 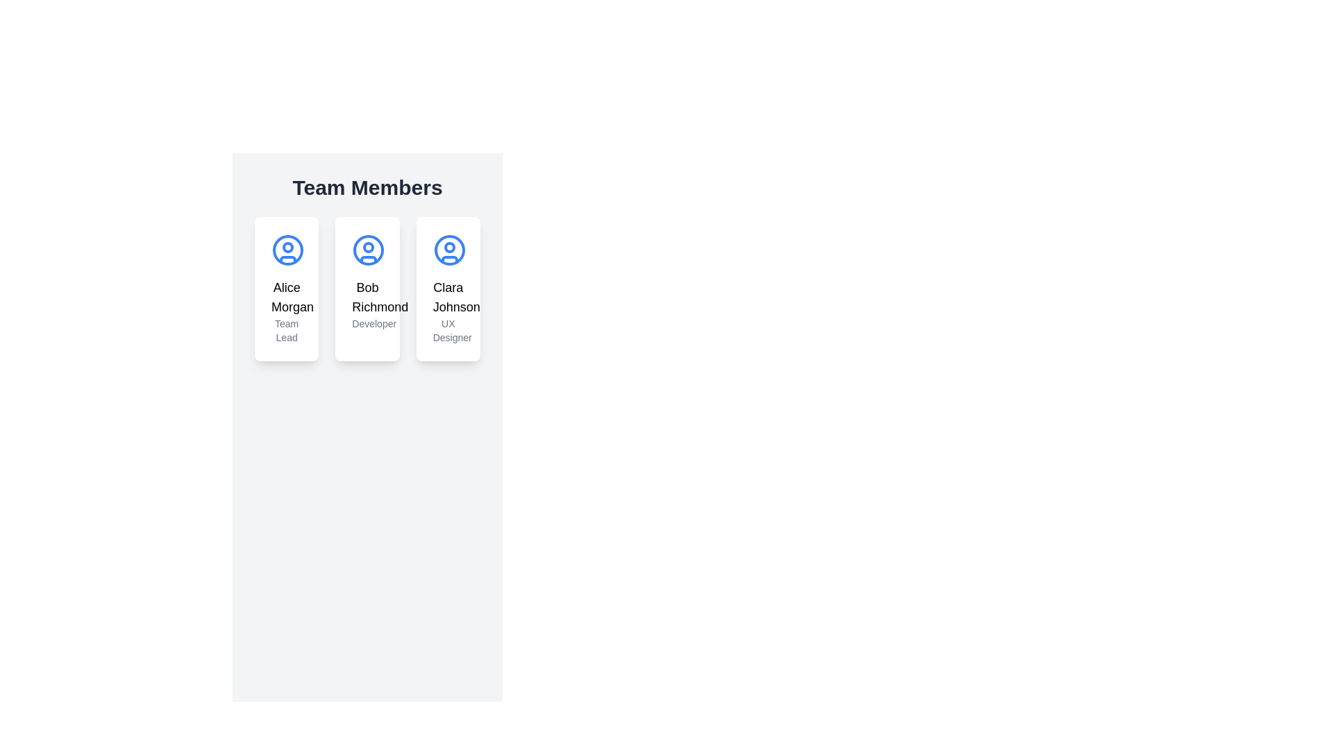 What do you see at coordinates (287, 250) in the screenshot?
I see `the Decorative Circle, which is the outermost circular component of the user icon representing 'Alice Morgan, Team Lead'` at bounding box center [287, 250].